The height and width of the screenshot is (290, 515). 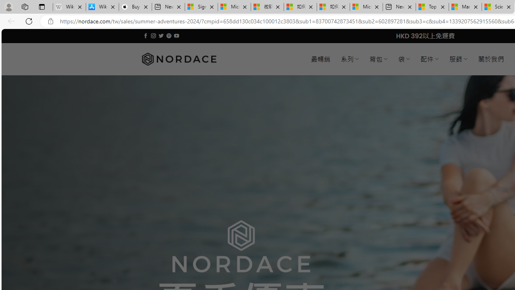 I want to click on 'Microsoft account | Account Checkup', so click(x=366, y=7).